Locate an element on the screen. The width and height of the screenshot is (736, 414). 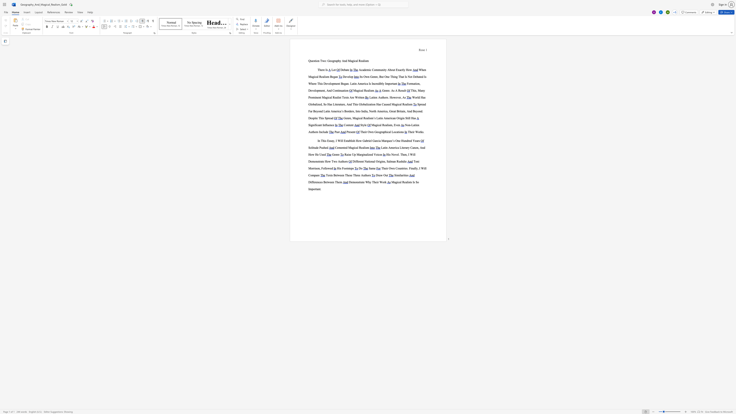
the 2th character "y" in the text is located at coordinates (417, 111).